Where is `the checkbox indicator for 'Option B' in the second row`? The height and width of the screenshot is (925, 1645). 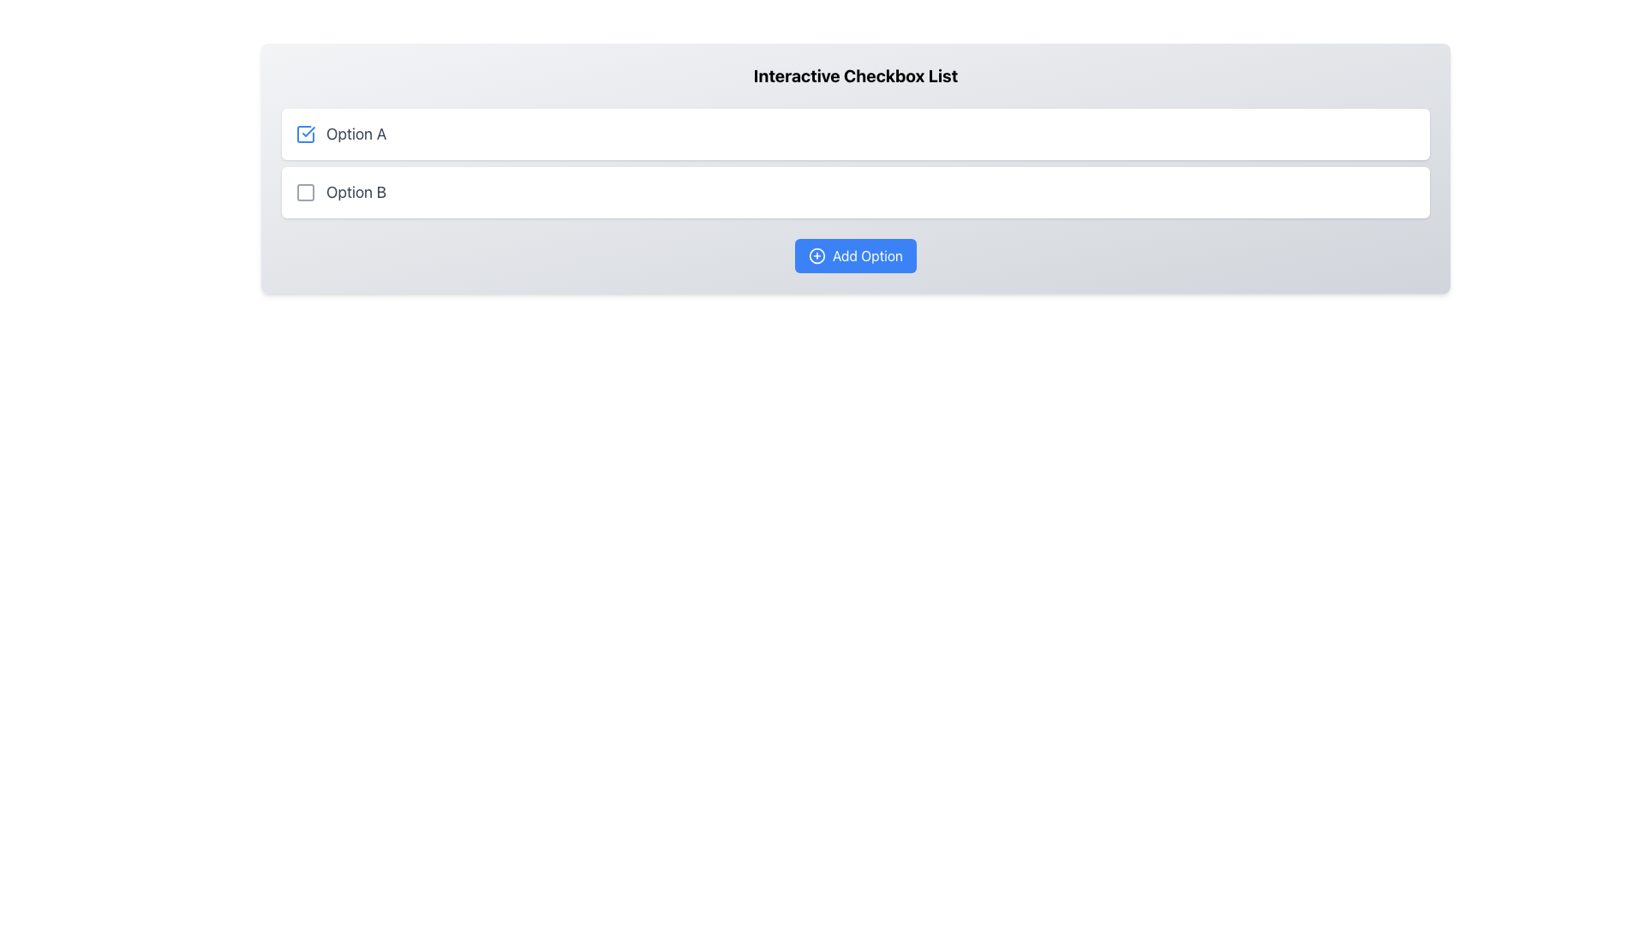 the checkbox indicator for 'Option B' in the second row is located at coordinates (305, 192).